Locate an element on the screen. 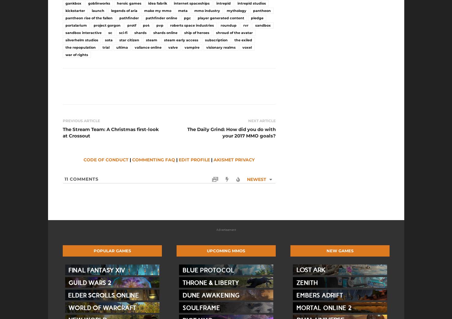  'player generated content' is located at coordinates (197, 17).